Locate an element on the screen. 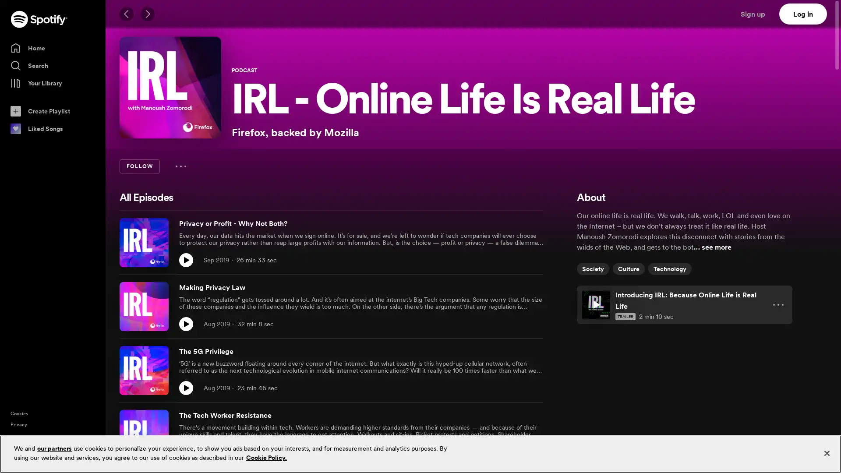 This screenshot has height=473, width=841. Share is located at coordinates (517, 388).